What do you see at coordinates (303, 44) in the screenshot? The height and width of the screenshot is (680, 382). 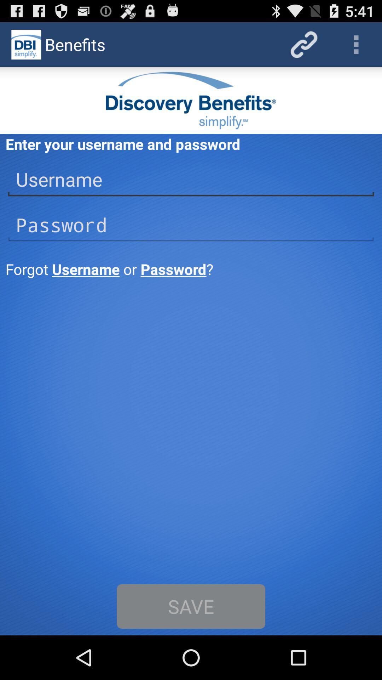 I see `option left to more button at top right` at bounding box center [303, 44].